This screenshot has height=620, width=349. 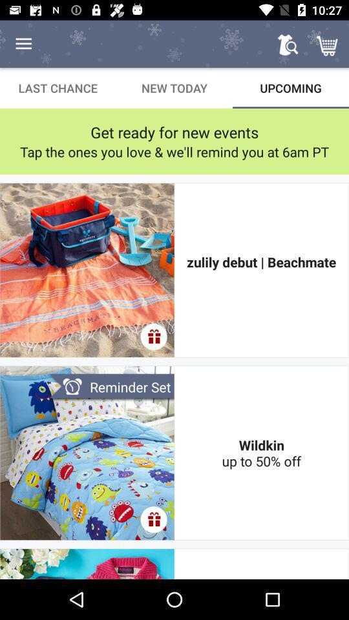 I want to click on icon above upcoming item, so click(x=288, y=44).